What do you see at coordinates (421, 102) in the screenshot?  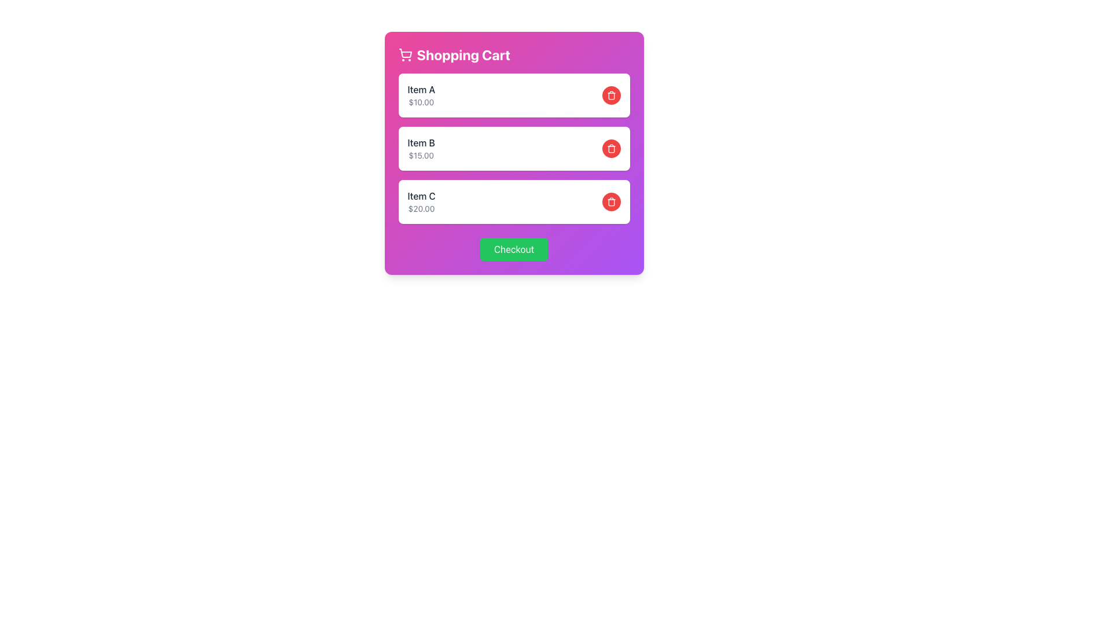 I see `the text label displaying the price "$10.00" which is located directly below the text label "Item A" in the shopping cart interface` at bounding box center [421, 102].